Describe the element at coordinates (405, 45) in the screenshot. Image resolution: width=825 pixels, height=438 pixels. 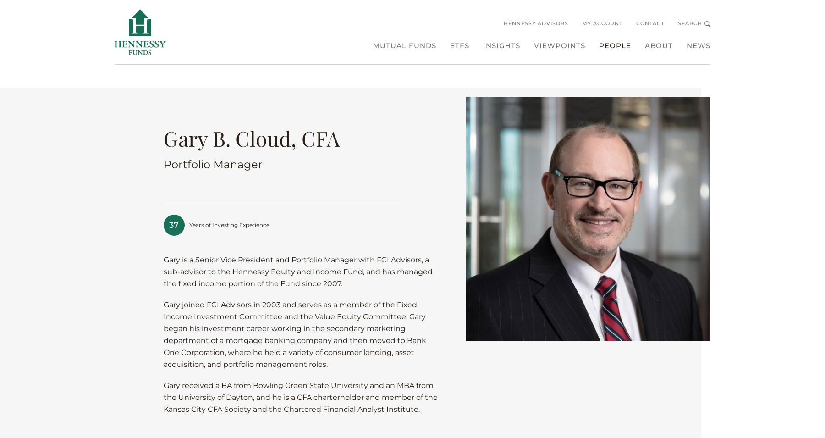
I see `'Mutual Funds'` at that location.